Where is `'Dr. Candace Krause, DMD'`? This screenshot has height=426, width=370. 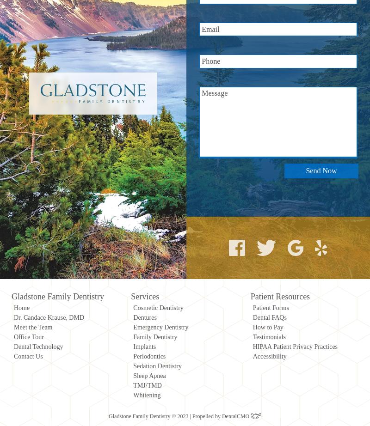
'Dr. Candace Krause, DMD' is located at coordinates (49, 317).